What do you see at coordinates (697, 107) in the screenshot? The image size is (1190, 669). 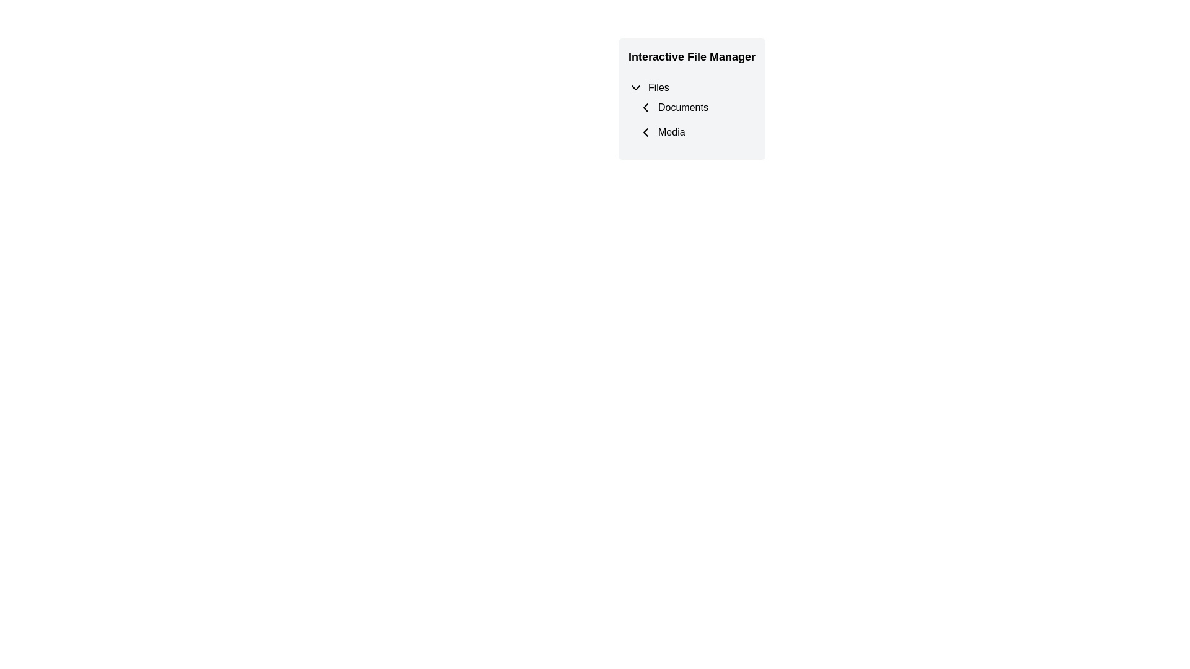 I see `the 'Documents' navigation item located in the Interactive File Manager panel` at bounding box center [697, 107].